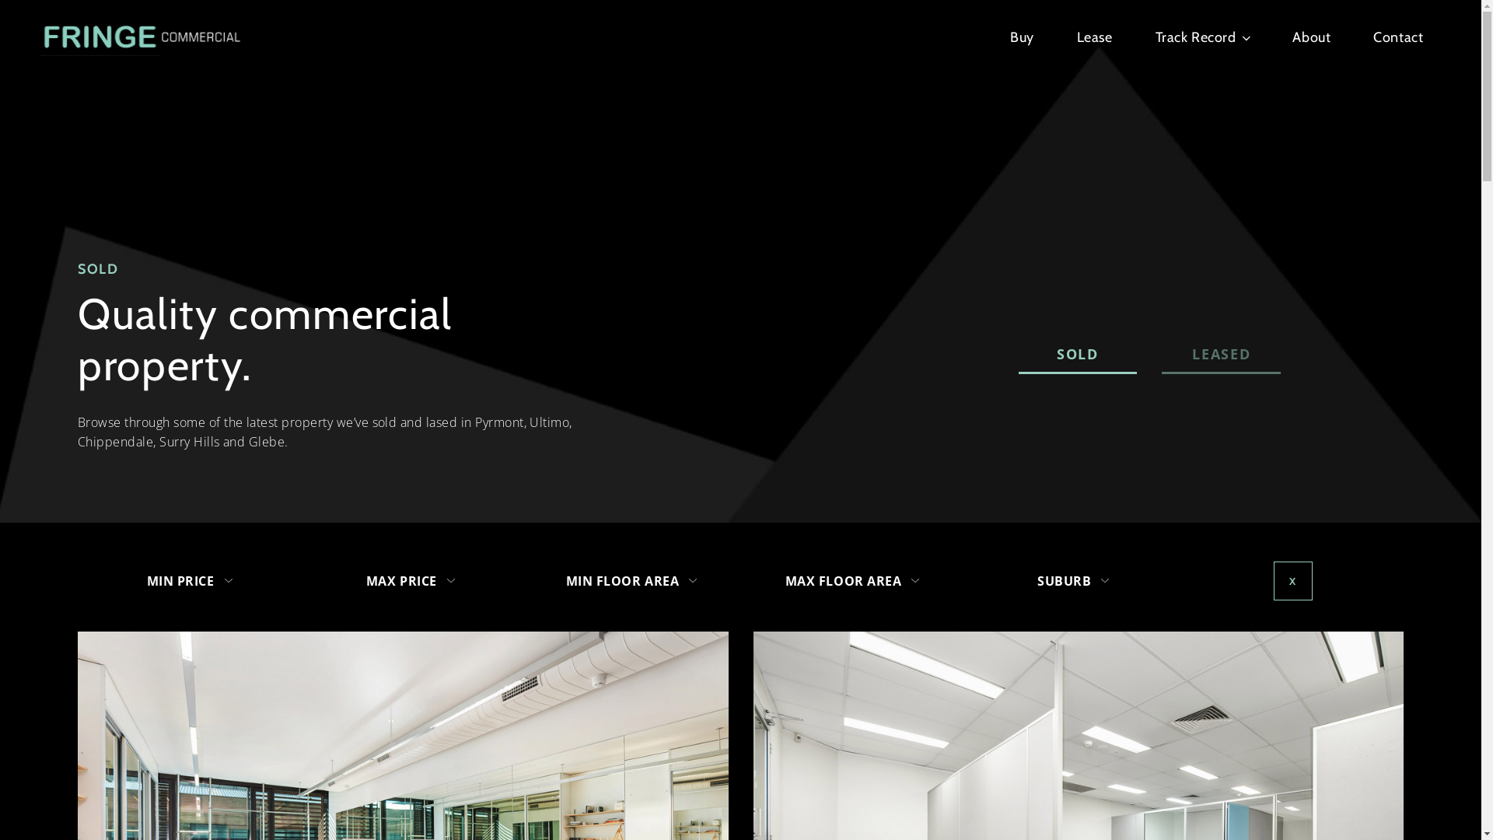 This screenshot has width=1493, height=840. Describe the element at coordinates (1077, 355) in the screenshot. I see `'SOLD'` at that location.